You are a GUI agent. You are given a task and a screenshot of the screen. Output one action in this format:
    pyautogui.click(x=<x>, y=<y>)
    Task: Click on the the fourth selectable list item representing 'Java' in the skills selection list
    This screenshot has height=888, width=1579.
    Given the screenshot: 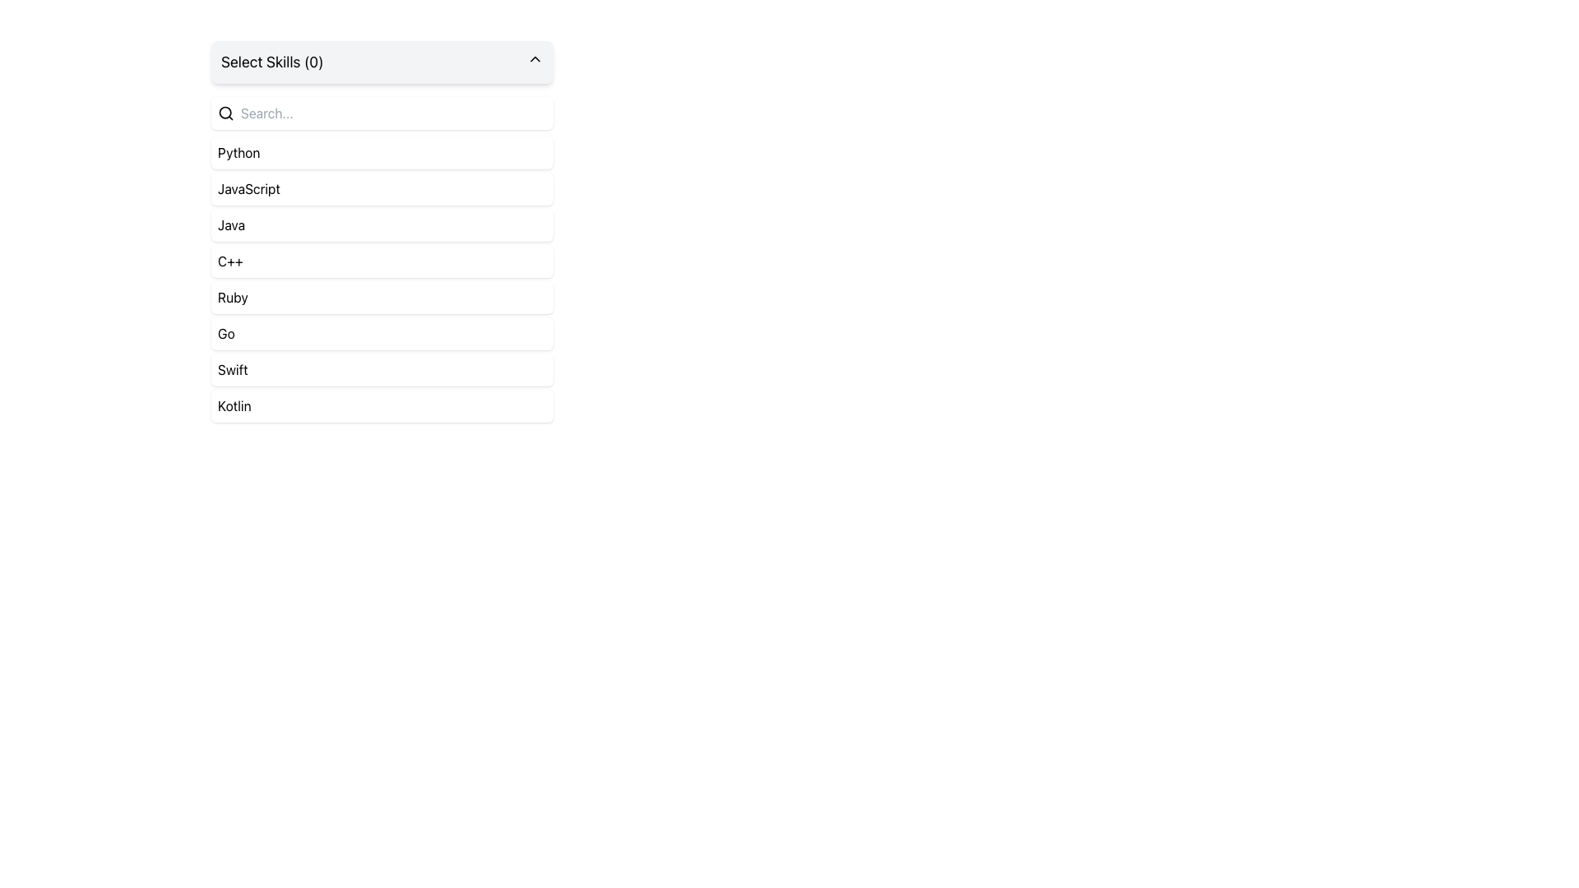 What is the action you would take?
    pyautogui.click(x=382, y=231)
    